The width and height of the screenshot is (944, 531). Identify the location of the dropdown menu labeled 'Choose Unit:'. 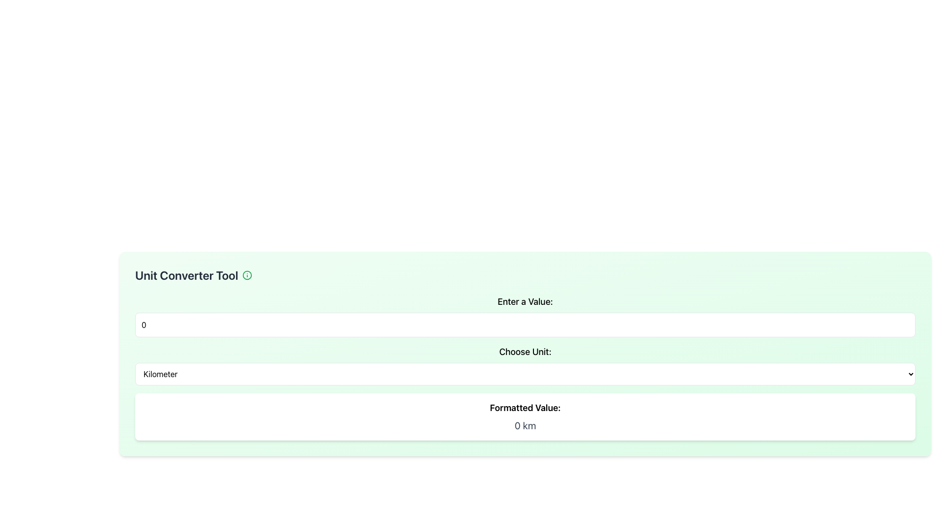
(525, 365).